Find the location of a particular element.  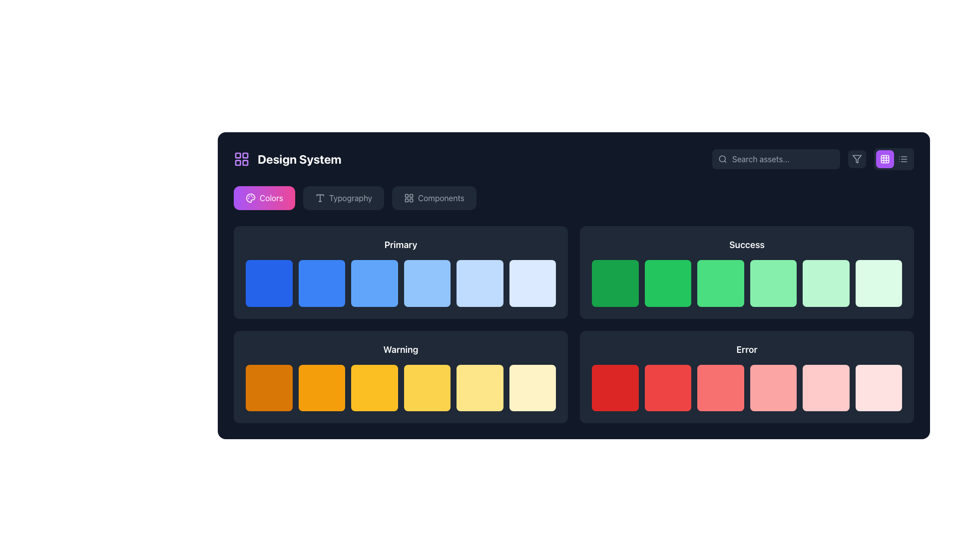

the square-shaped color selection component with a pale blue background is located at coordinates (479, 283).